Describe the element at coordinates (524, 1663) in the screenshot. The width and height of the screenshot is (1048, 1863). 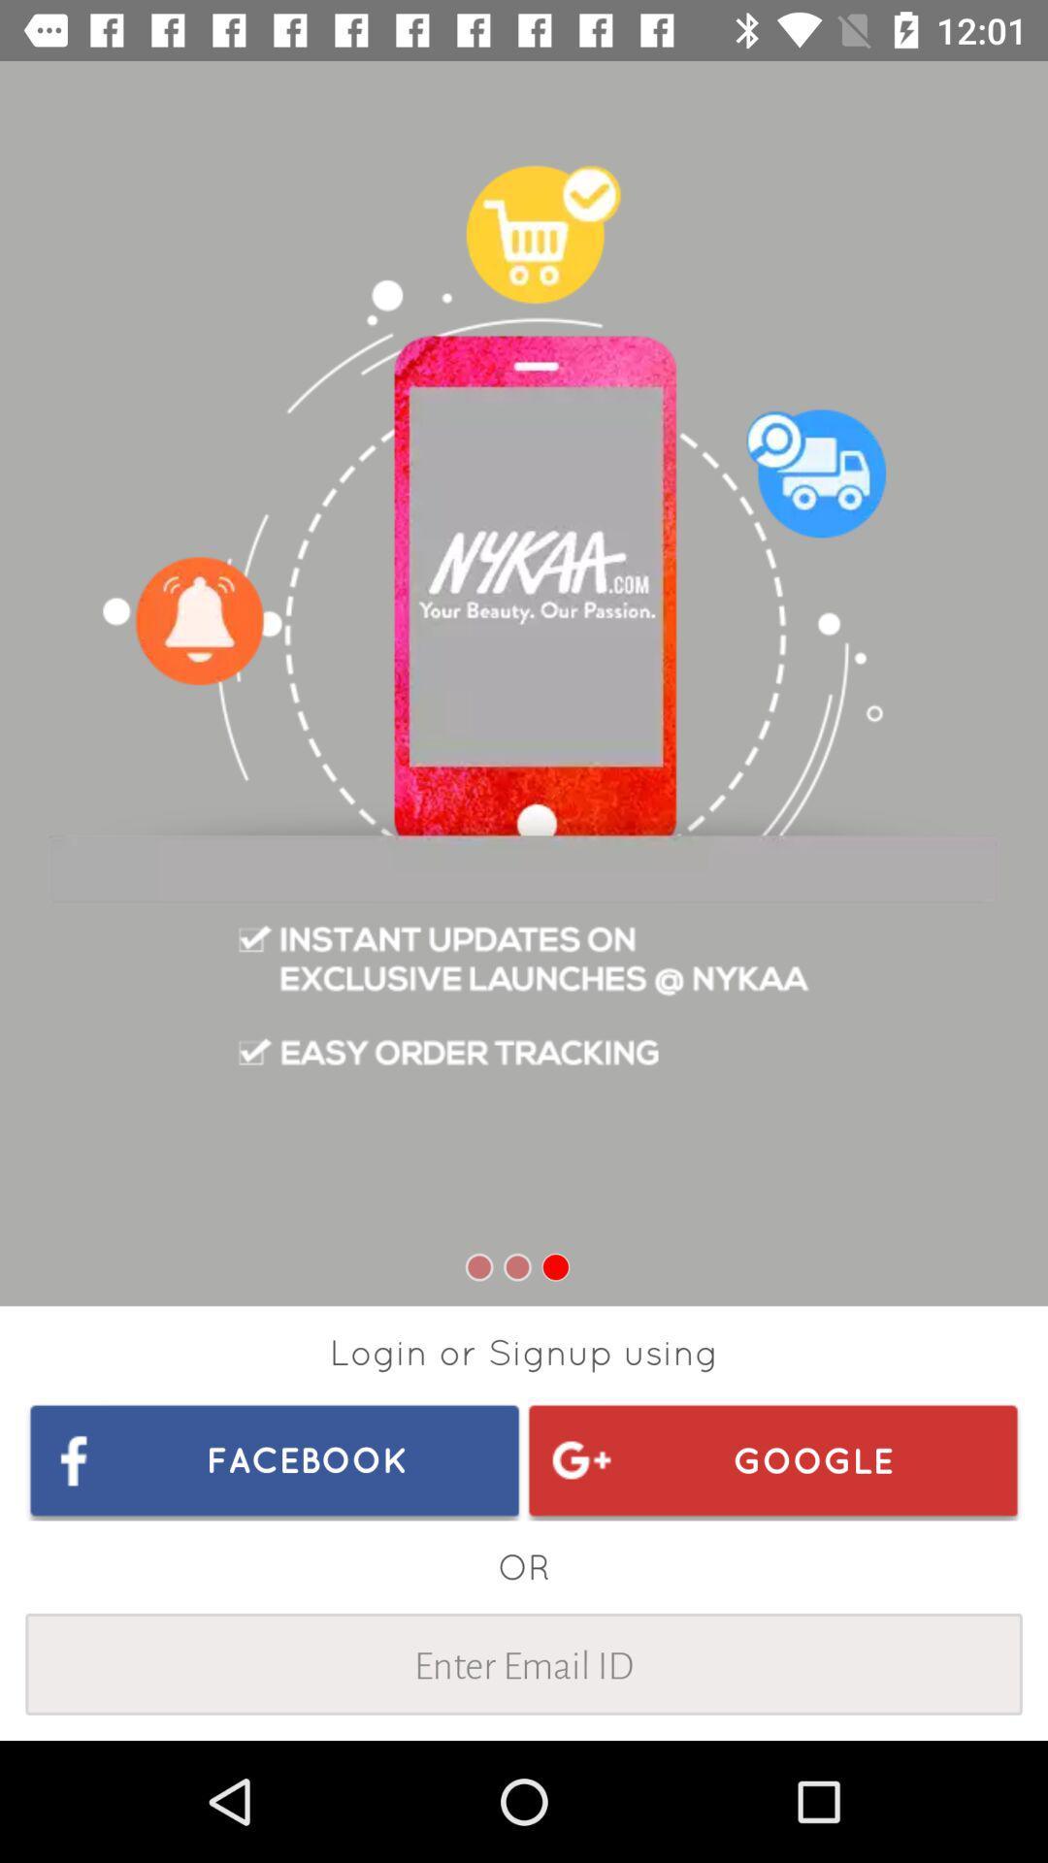
I see `enter email id` at that location.